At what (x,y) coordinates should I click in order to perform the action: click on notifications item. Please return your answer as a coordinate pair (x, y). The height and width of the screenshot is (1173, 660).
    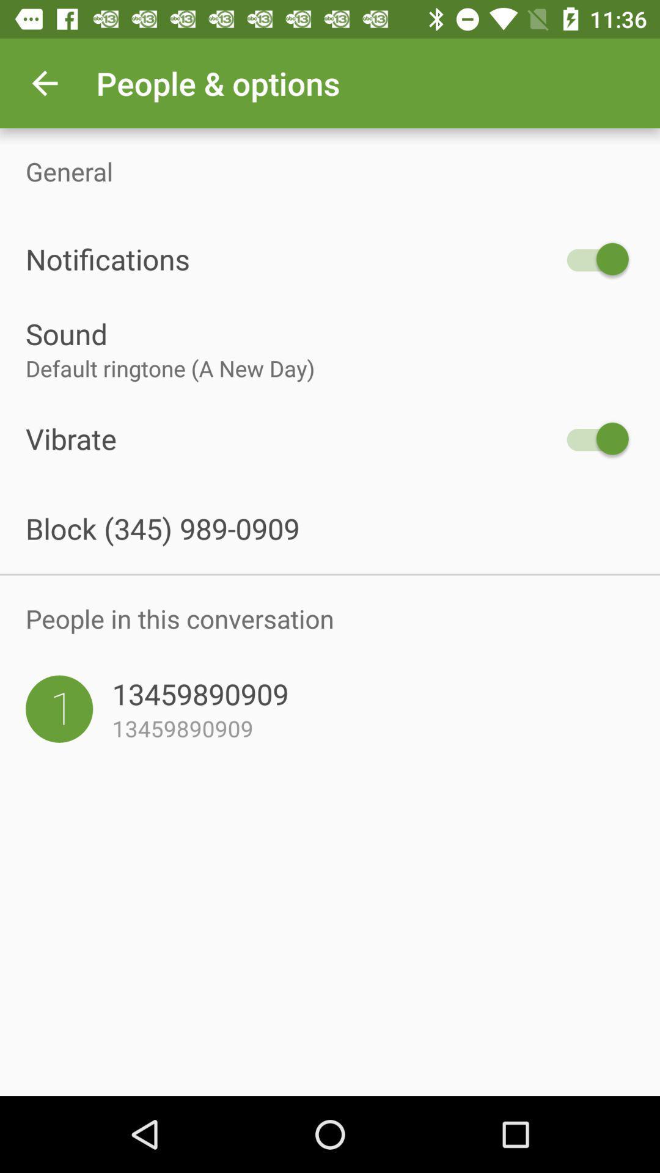
    Looking at the image, I should click on (291, 258).